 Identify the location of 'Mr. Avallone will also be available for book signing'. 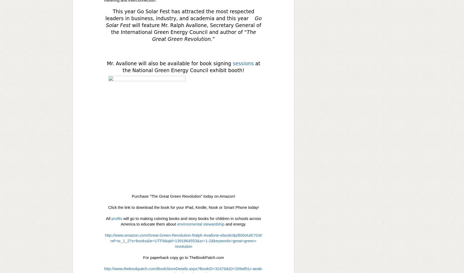
(169, 63).